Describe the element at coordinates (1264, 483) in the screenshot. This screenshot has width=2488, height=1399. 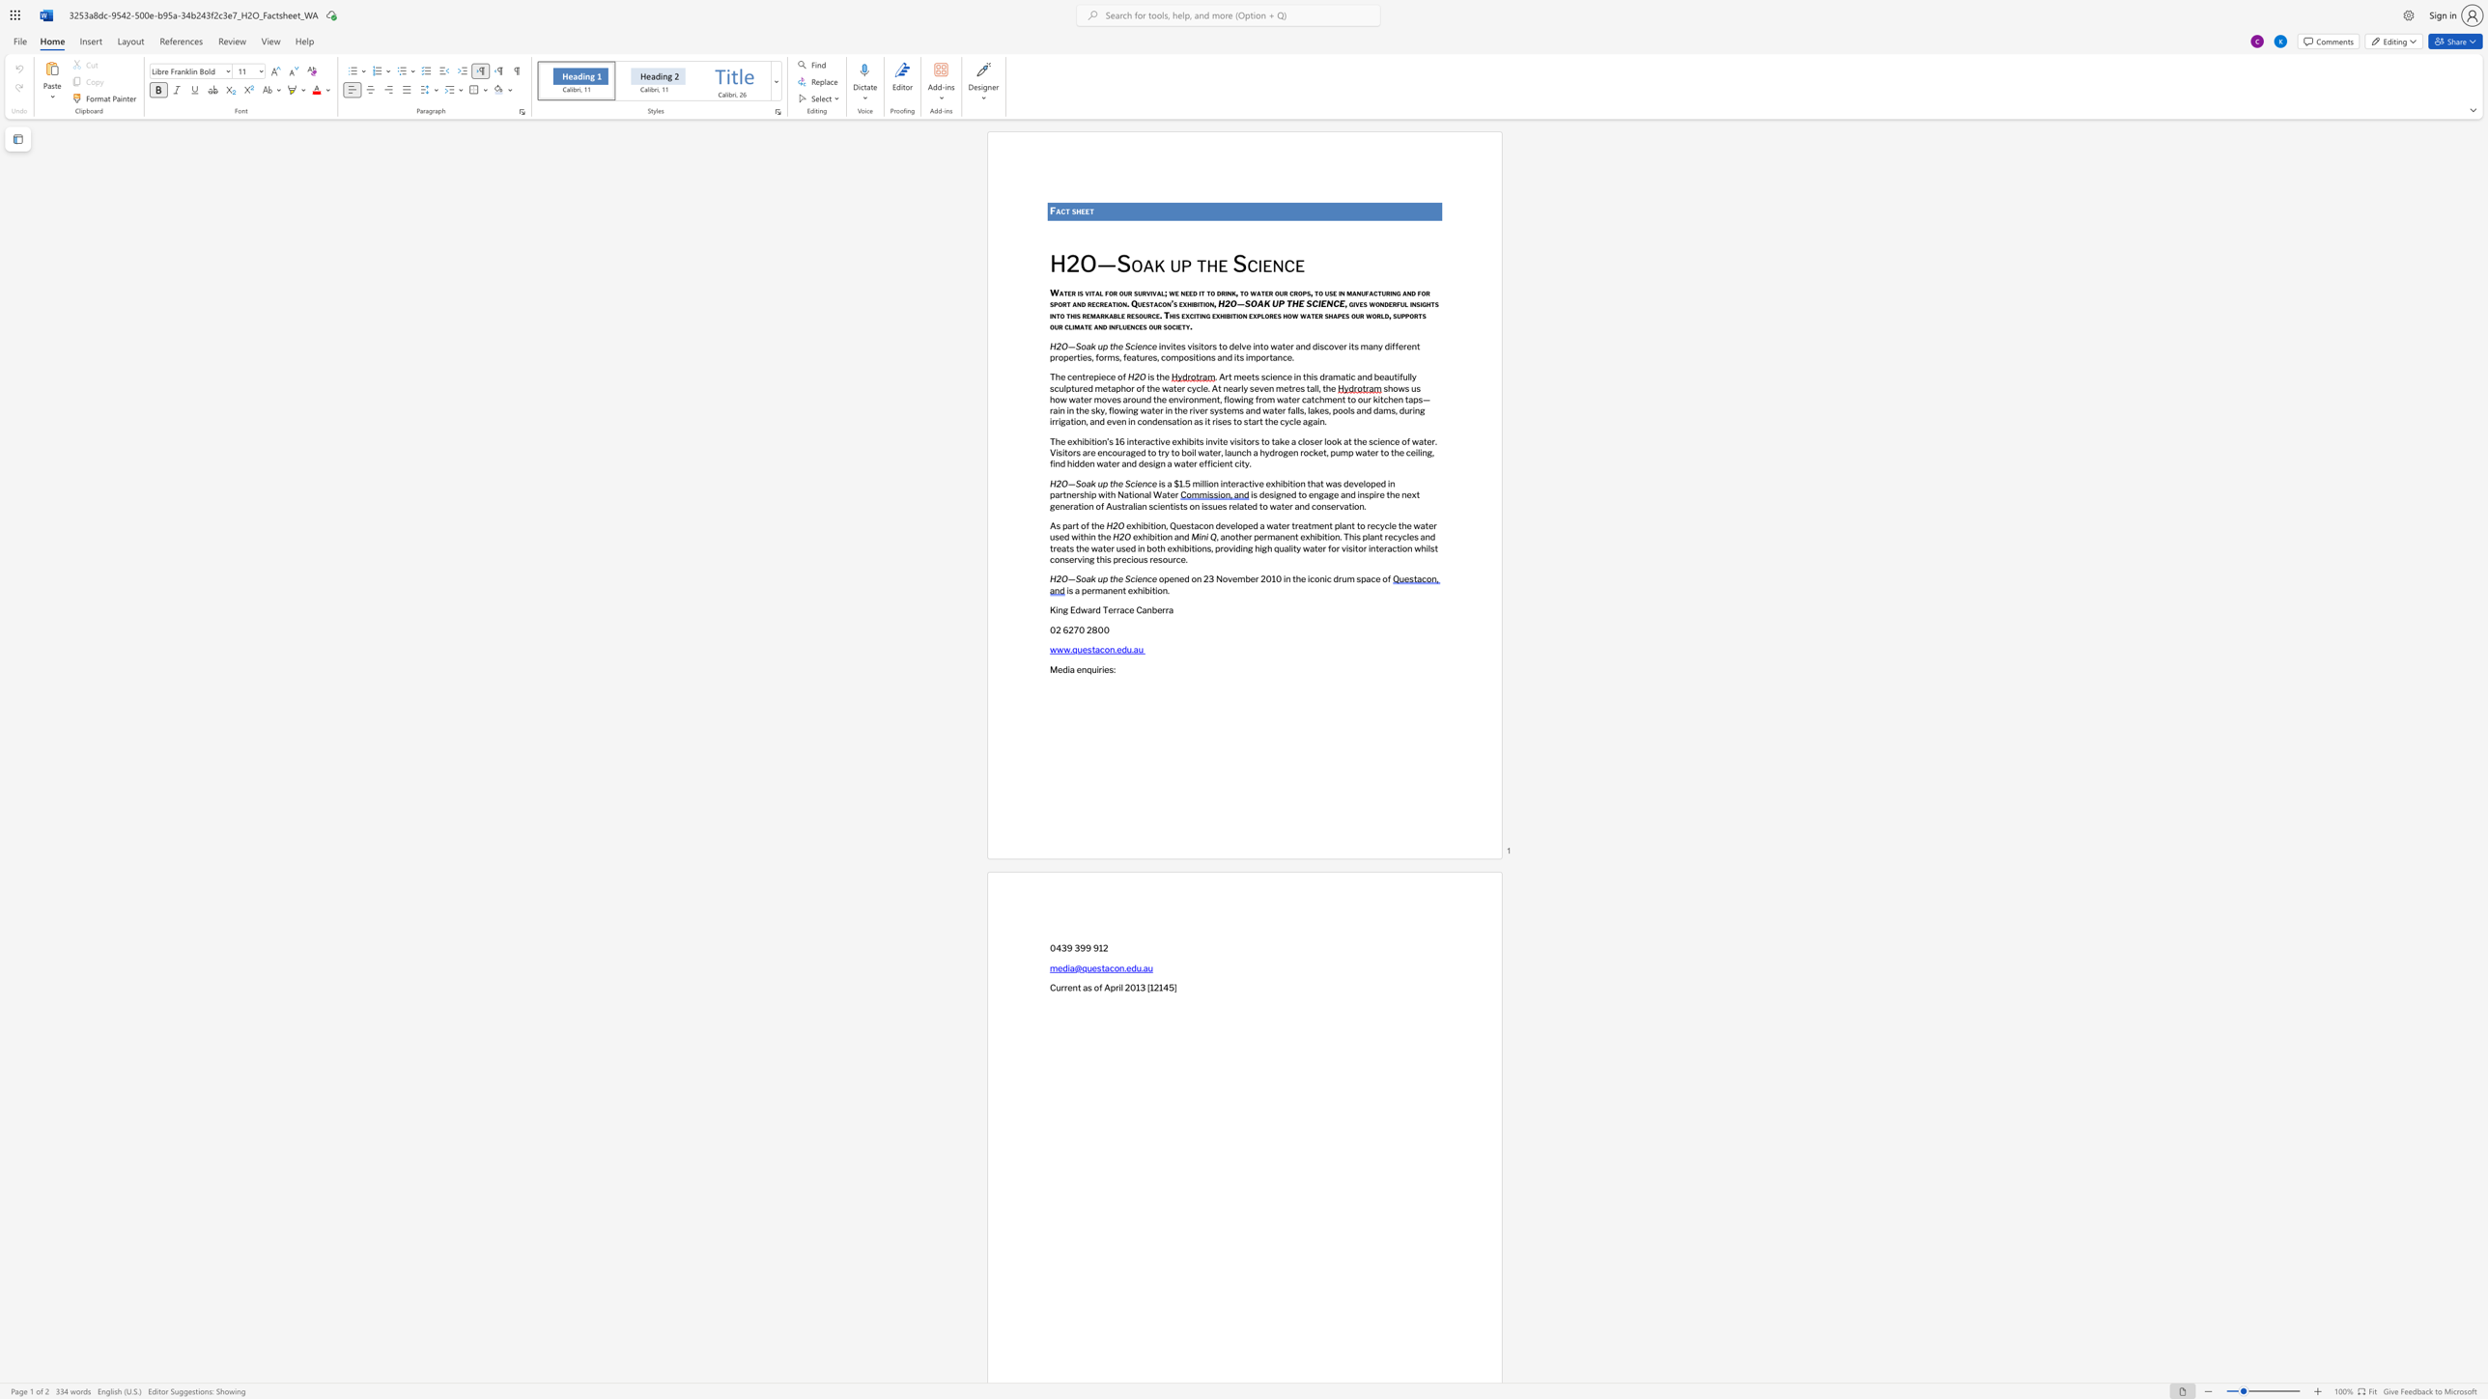
I see `the subset text "exhibition that was developed i" within the text "is a $1.5 million interactive exhibition that was developed in partnership with National Water"` at that location.